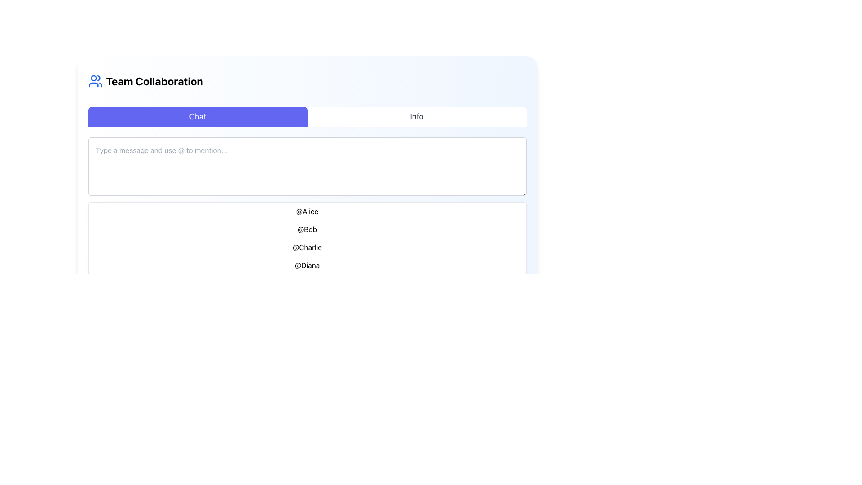  What do you see at coordinates (307, 247) in the screenshot?
I see `the text label for user Charlie, which is the third entry in a list between @Bob and @Diana` at bounding box center [307, 247].